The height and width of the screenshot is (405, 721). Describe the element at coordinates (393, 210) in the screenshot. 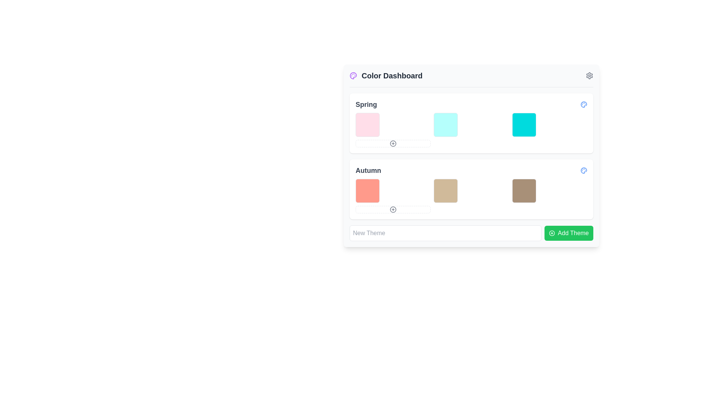

I see `the Circle icon, which is a small circular icon styled with a line drawing, located in the Autumn section of the Color Dashboard within the dashed placeholder area near the color blocks` at that location.